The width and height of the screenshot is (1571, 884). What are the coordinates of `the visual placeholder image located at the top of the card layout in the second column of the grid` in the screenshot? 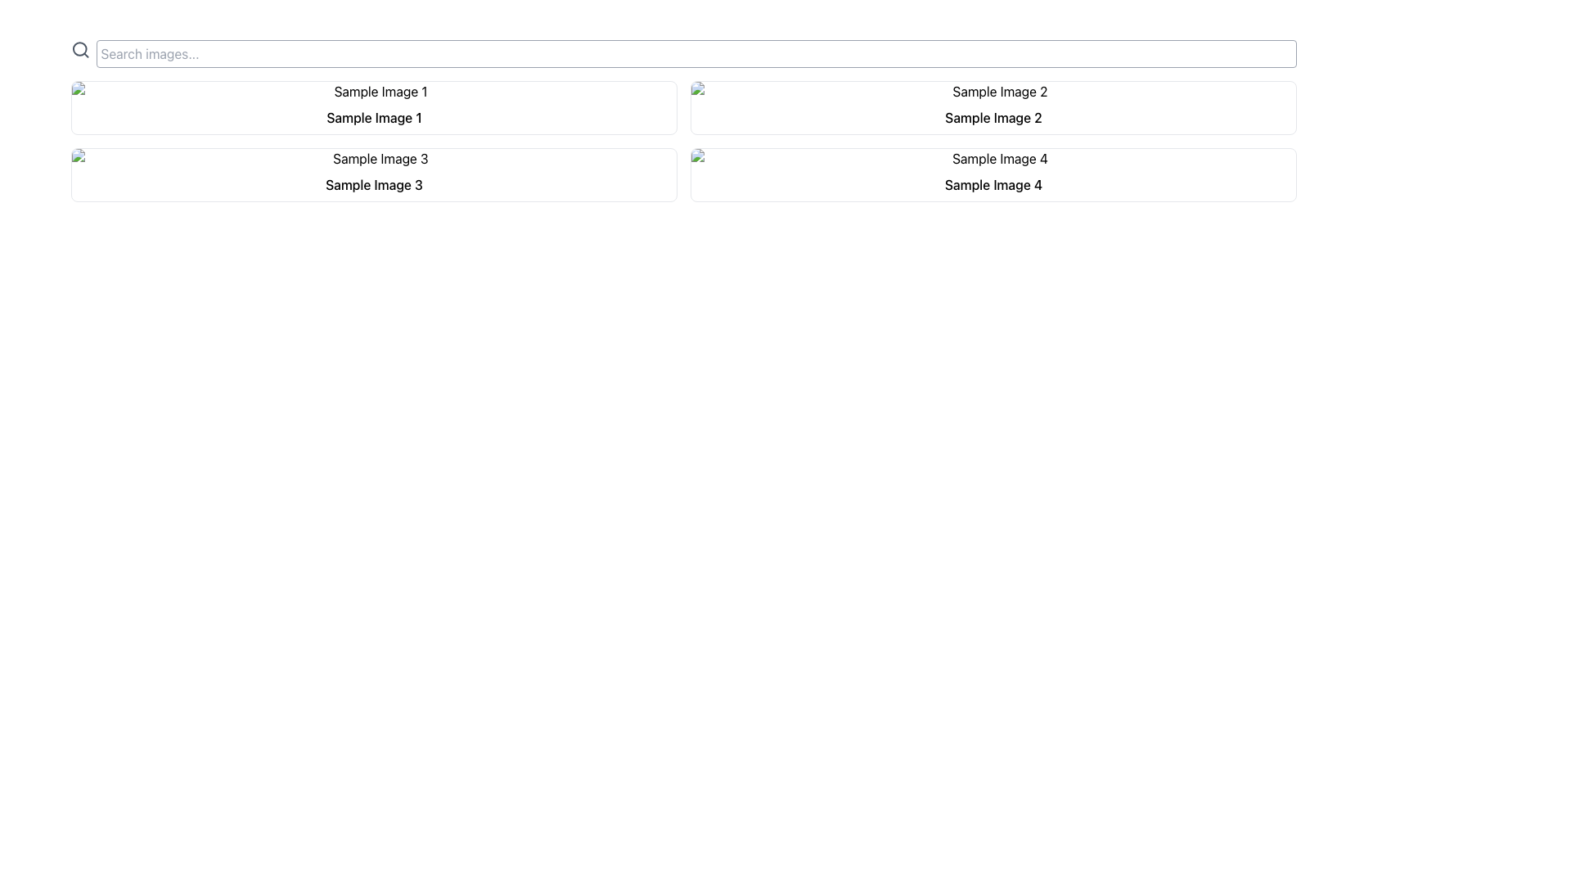 It's located at (993, 91).